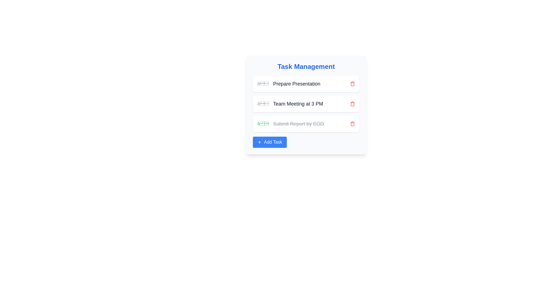 This screenshot has width=533, height=300. I want to click on the gray circle icon with class 'mr-4 text-gray-400' located to the left of the 'Team Meeting at 3 PM' text in the second list item of the 'Task Management' section, so click(263, 104).